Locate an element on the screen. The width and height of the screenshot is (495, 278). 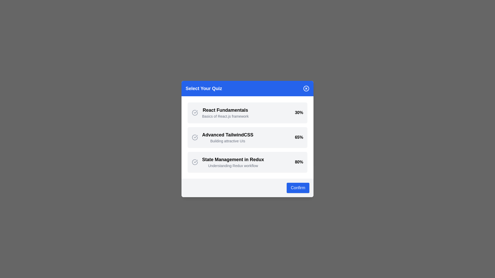
the details of the quiz titled React Fundamentals is located at coordinates (225, 110).